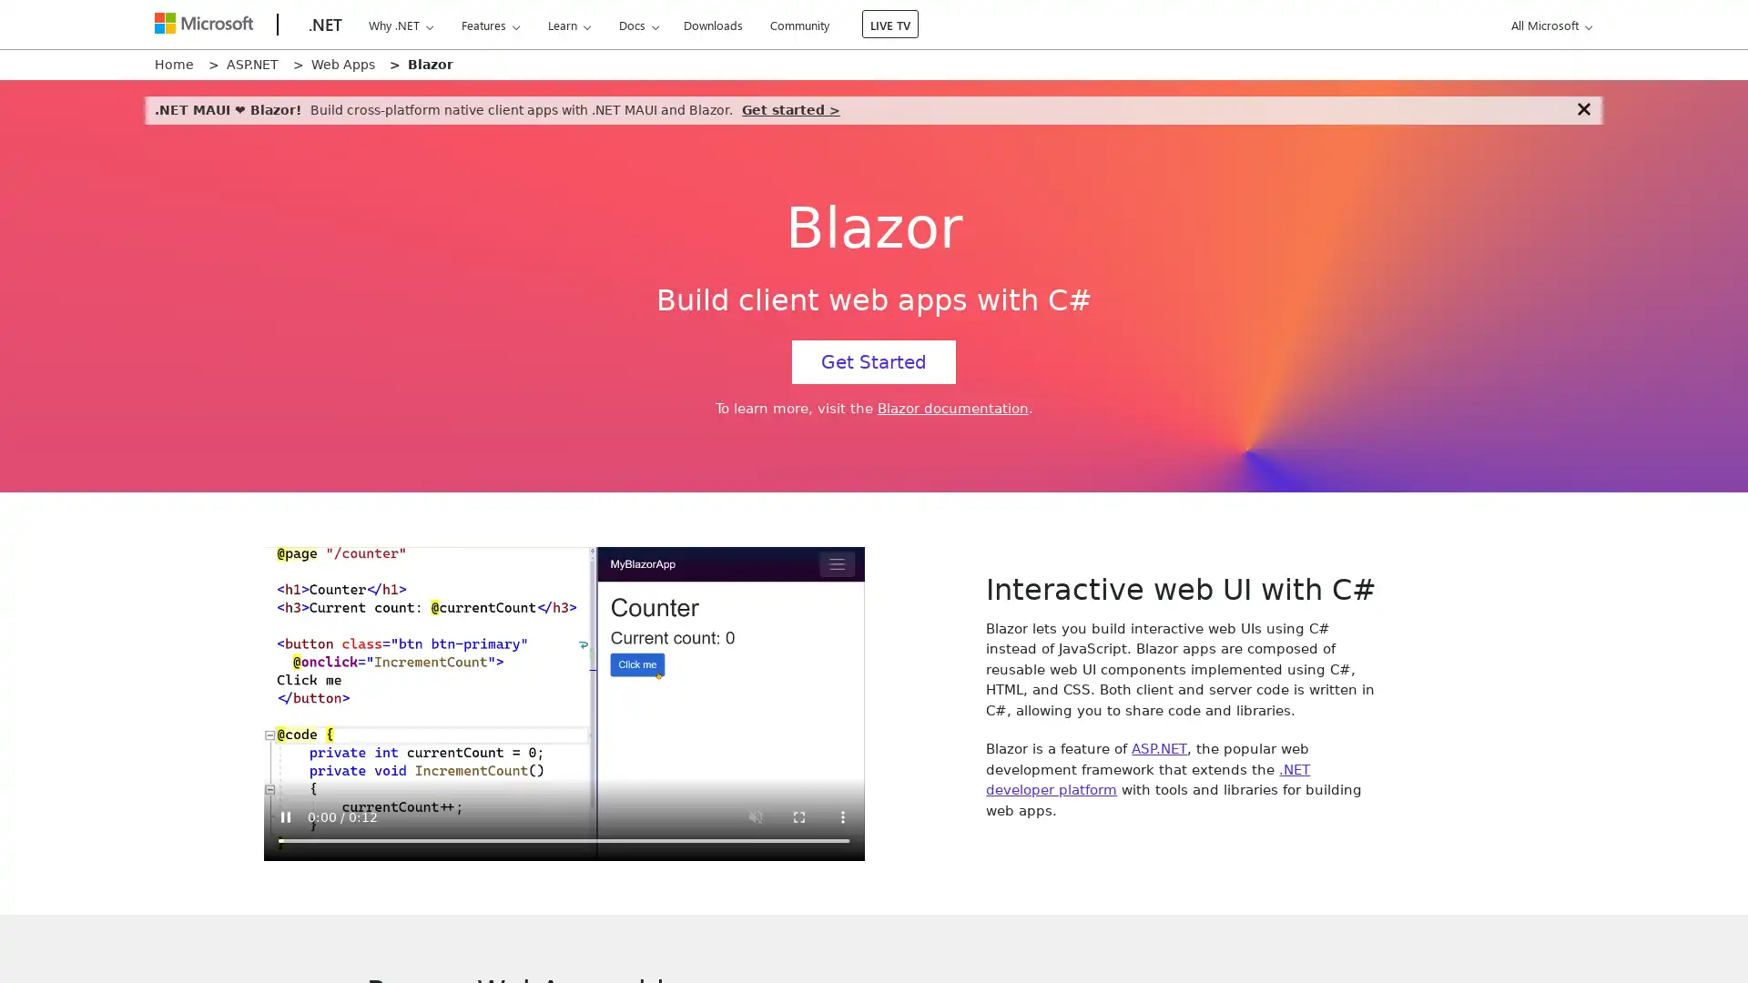 The image size is (1748, 983). Describe the element at coordinates (638, 25) in the screenshot. I see `Docs` at that location.